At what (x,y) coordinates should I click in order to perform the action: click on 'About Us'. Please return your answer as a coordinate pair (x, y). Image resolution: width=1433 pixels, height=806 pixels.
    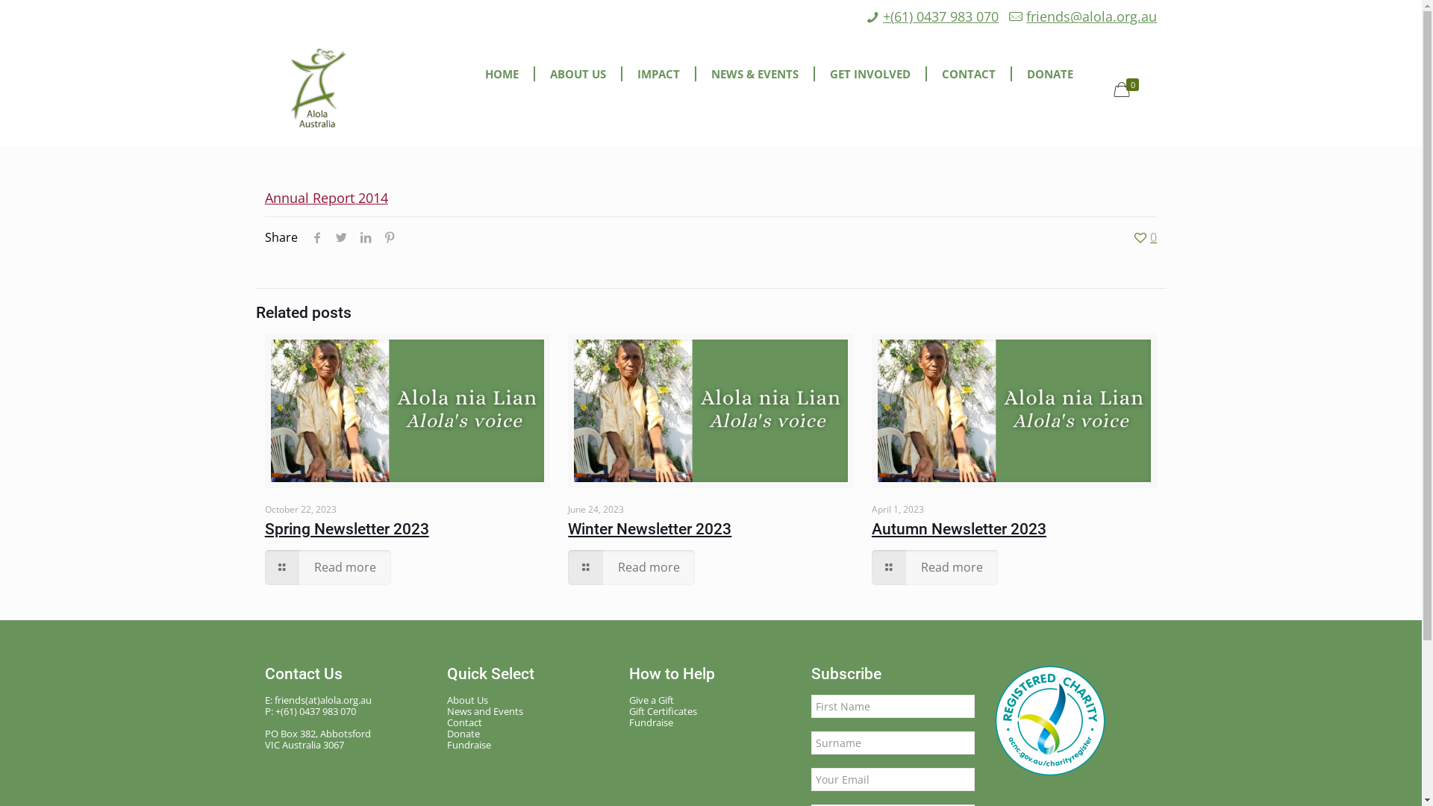
    Looking at the image, I should click on (529, 700).